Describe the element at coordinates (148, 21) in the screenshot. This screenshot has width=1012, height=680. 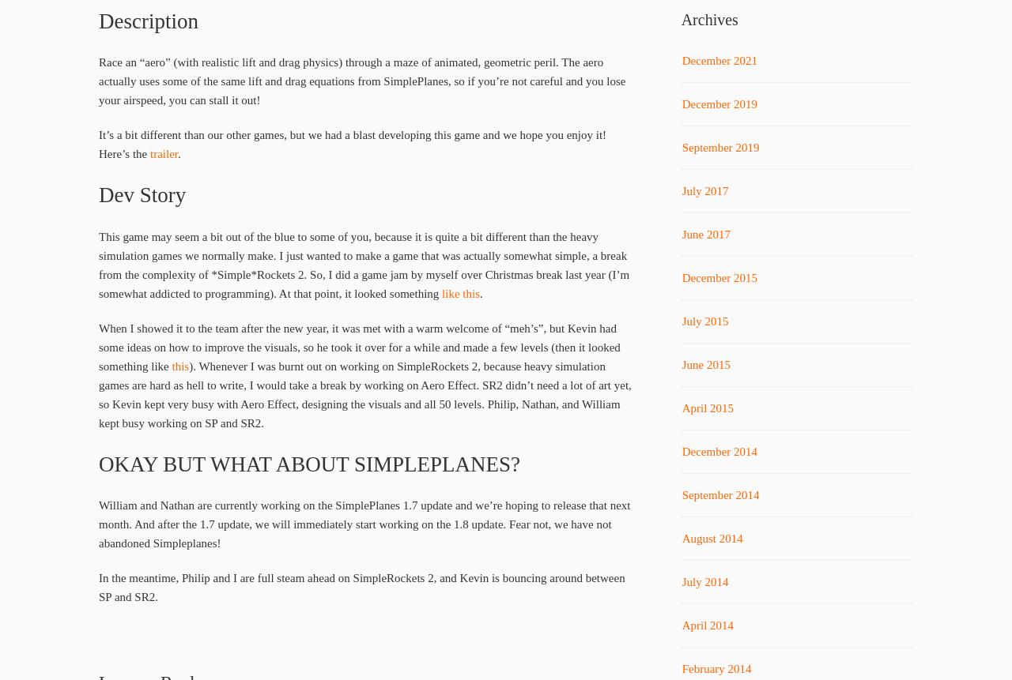
I see `'Description'` at that location.